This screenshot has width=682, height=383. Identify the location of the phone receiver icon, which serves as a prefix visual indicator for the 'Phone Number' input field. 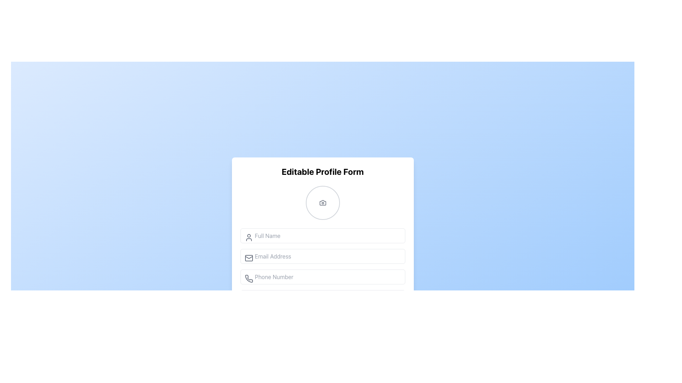
(249, 278).